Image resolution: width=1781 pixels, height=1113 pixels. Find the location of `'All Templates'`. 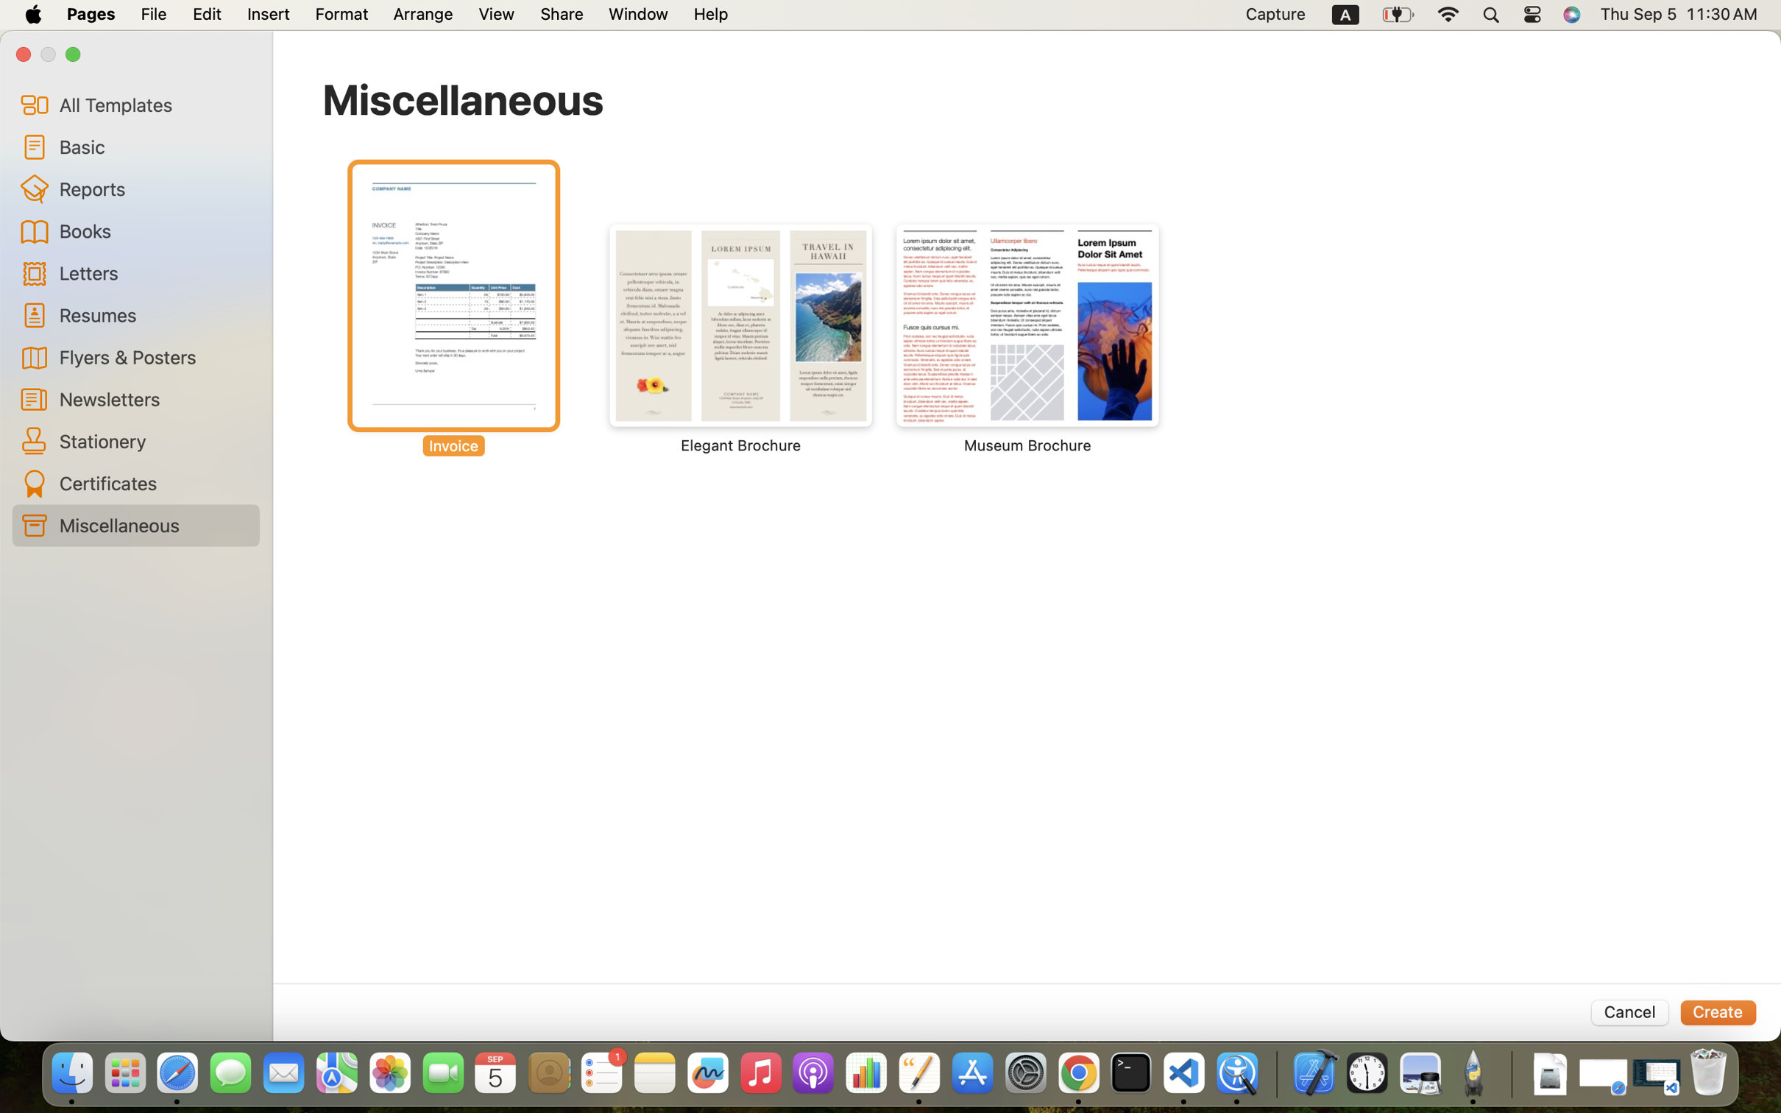

'All Templates' is located at coordinates (153, 104).